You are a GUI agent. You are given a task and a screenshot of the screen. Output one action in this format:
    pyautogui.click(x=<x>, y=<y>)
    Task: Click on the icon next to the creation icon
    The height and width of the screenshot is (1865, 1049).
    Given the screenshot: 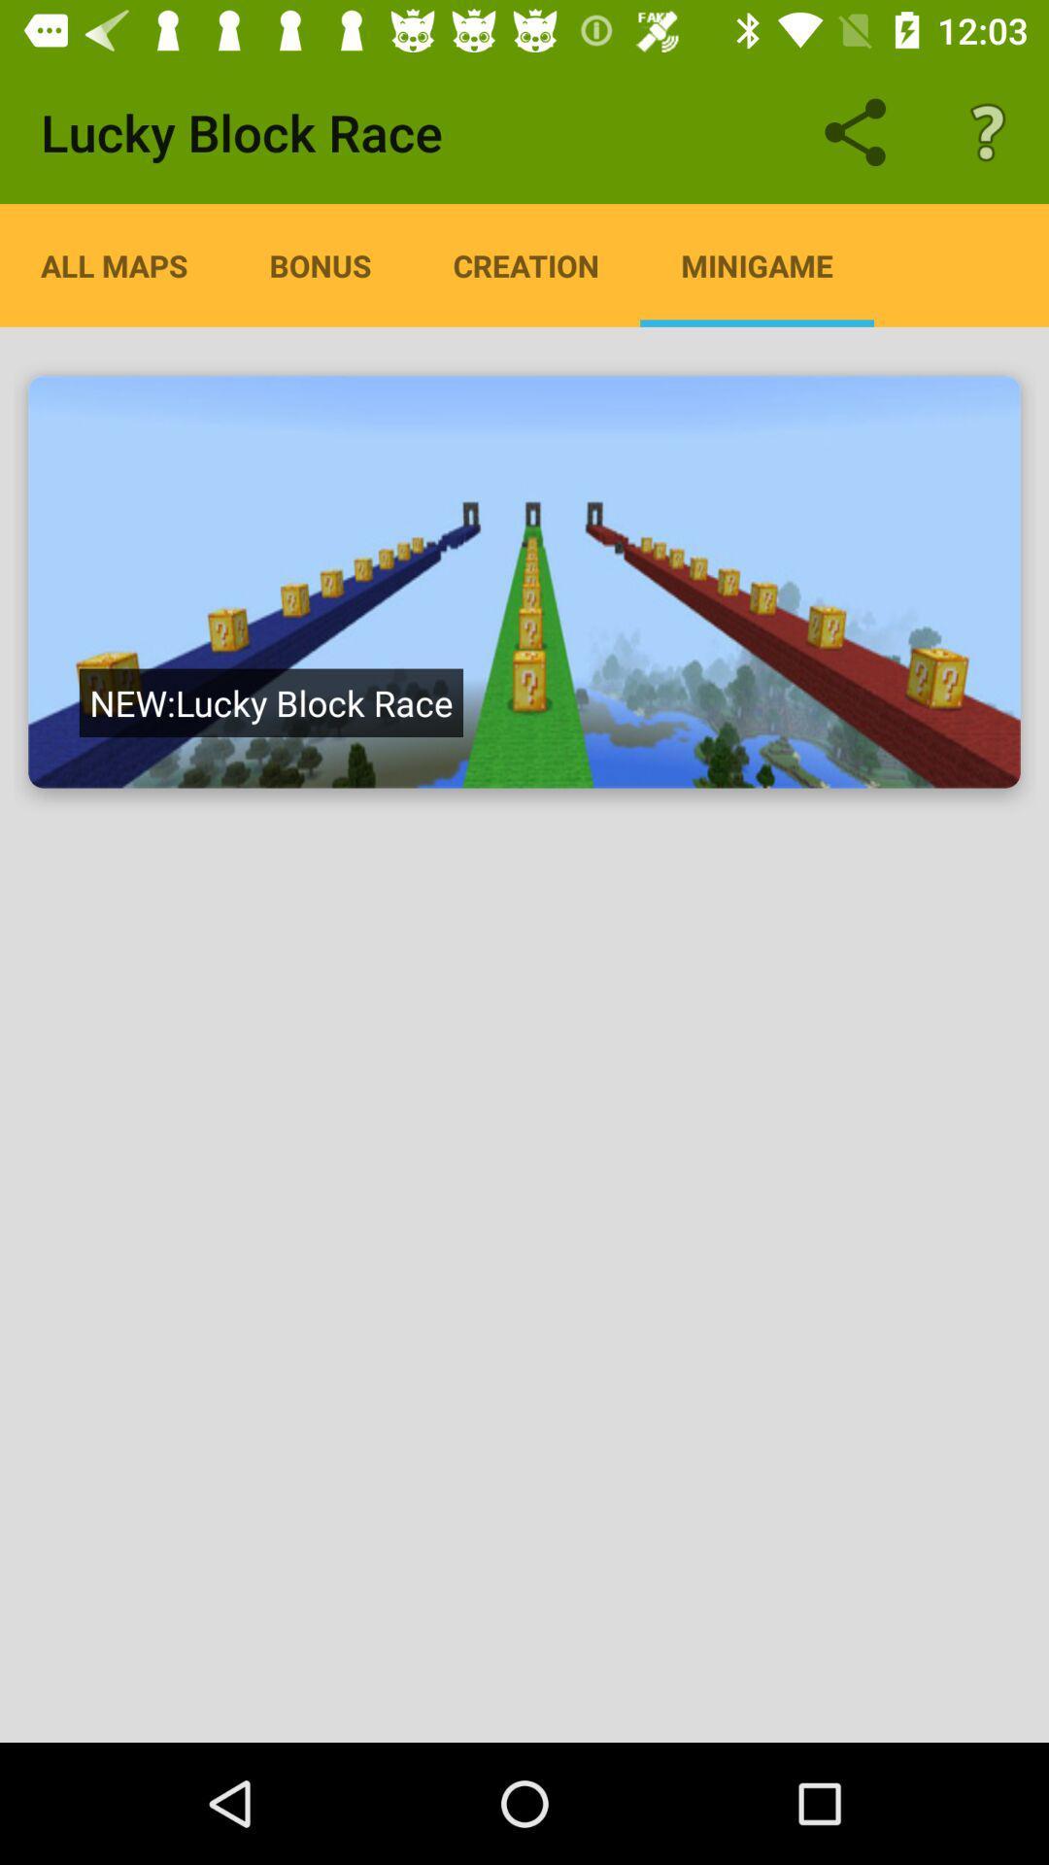 What is the action you would take?
    pyautogui.click(x=756, y=264)
    